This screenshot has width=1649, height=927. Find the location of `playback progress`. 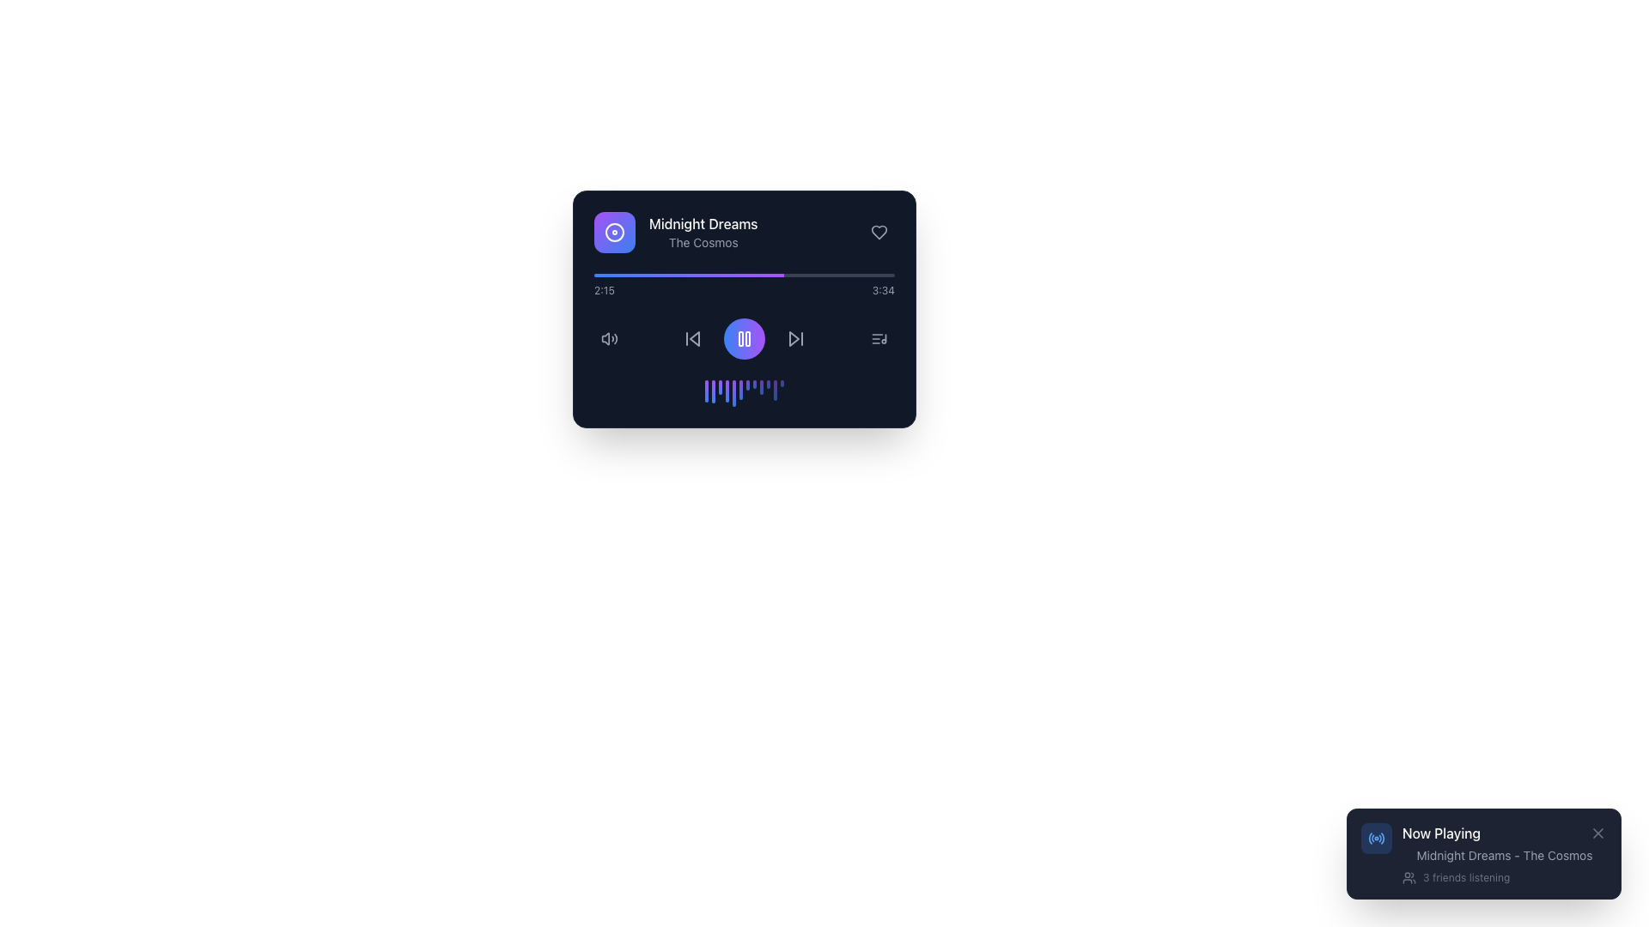

playback progress is located at coordinates (719, 274).